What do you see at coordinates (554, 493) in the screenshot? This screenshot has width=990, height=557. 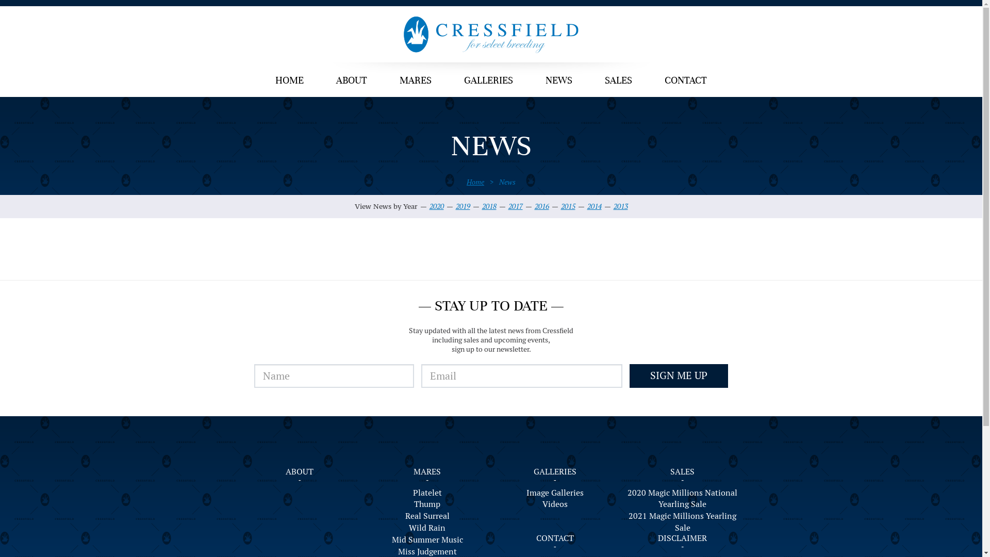 I see `'Image Galleries'` at bounding box center [554, 493].